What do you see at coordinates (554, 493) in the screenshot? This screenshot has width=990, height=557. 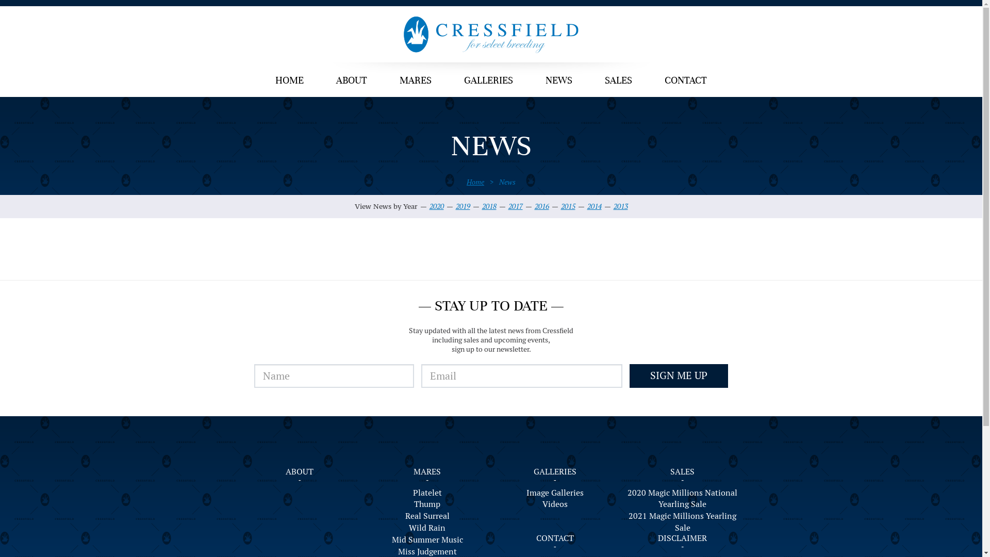 I see `'Image Galleries'` at bounding box center [554, 493].